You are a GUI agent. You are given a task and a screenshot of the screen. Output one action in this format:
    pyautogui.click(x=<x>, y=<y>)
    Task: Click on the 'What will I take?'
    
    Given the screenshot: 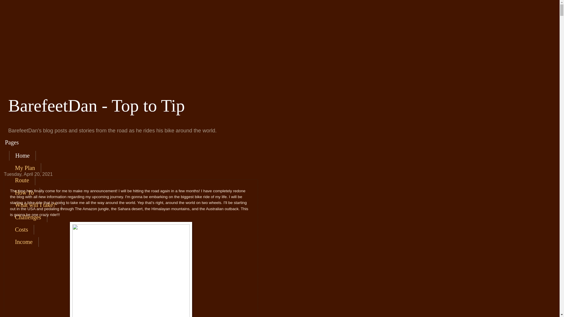 What is the action you would take?
    pyautogui.click(x=35, y=205)
    